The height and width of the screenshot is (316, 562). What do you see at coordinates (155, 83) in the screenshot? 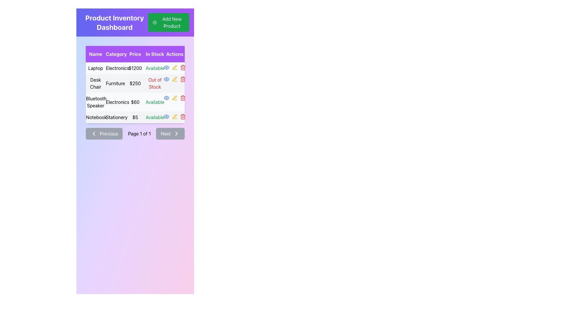
I see `the bold red 'Out of Stock' label located in the 'In Stock' column of the second row for the 'Desk Chair' entry` at bounding box center [155, 83].